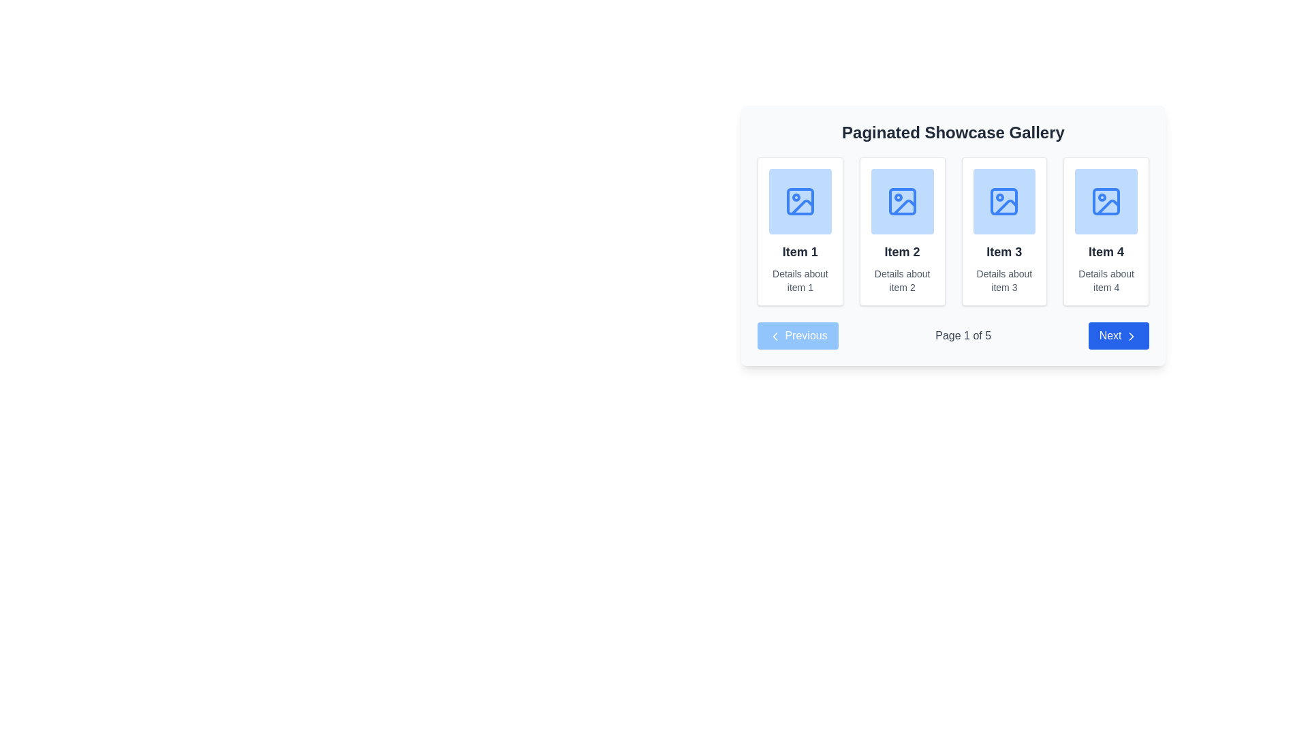 The height and width of the screenshot is (736, 1308). Describe the element at coordinates (902, 202) in the screenshot. I see `the second image representation icon in the gallery section under 'Paginated Showcase Gallery'` at that location.